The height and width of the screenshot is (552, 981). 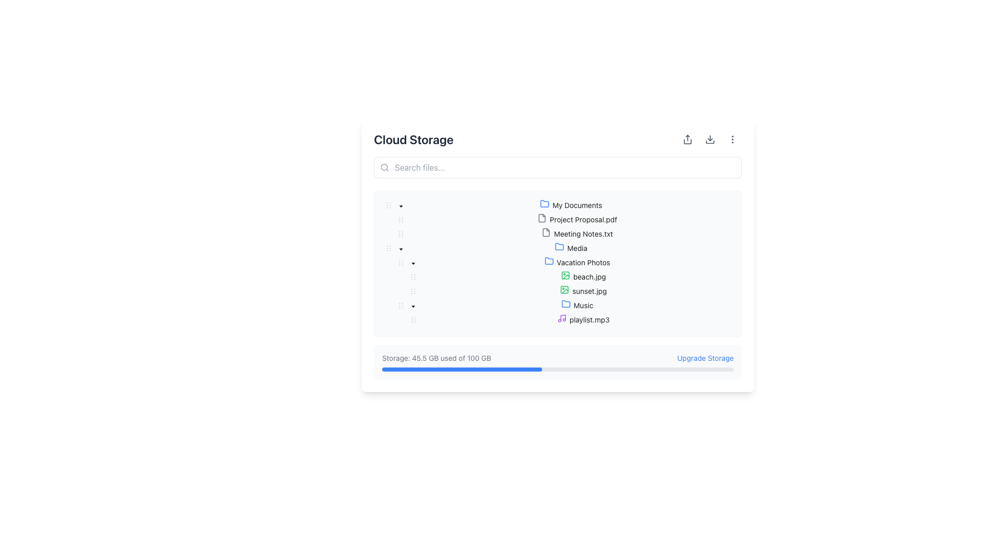 I want to click on the 'download' button icon located between the upward arrow icon and the vertical ellipsis icon in the top-right corner of the page, so click(x=710, y=140).